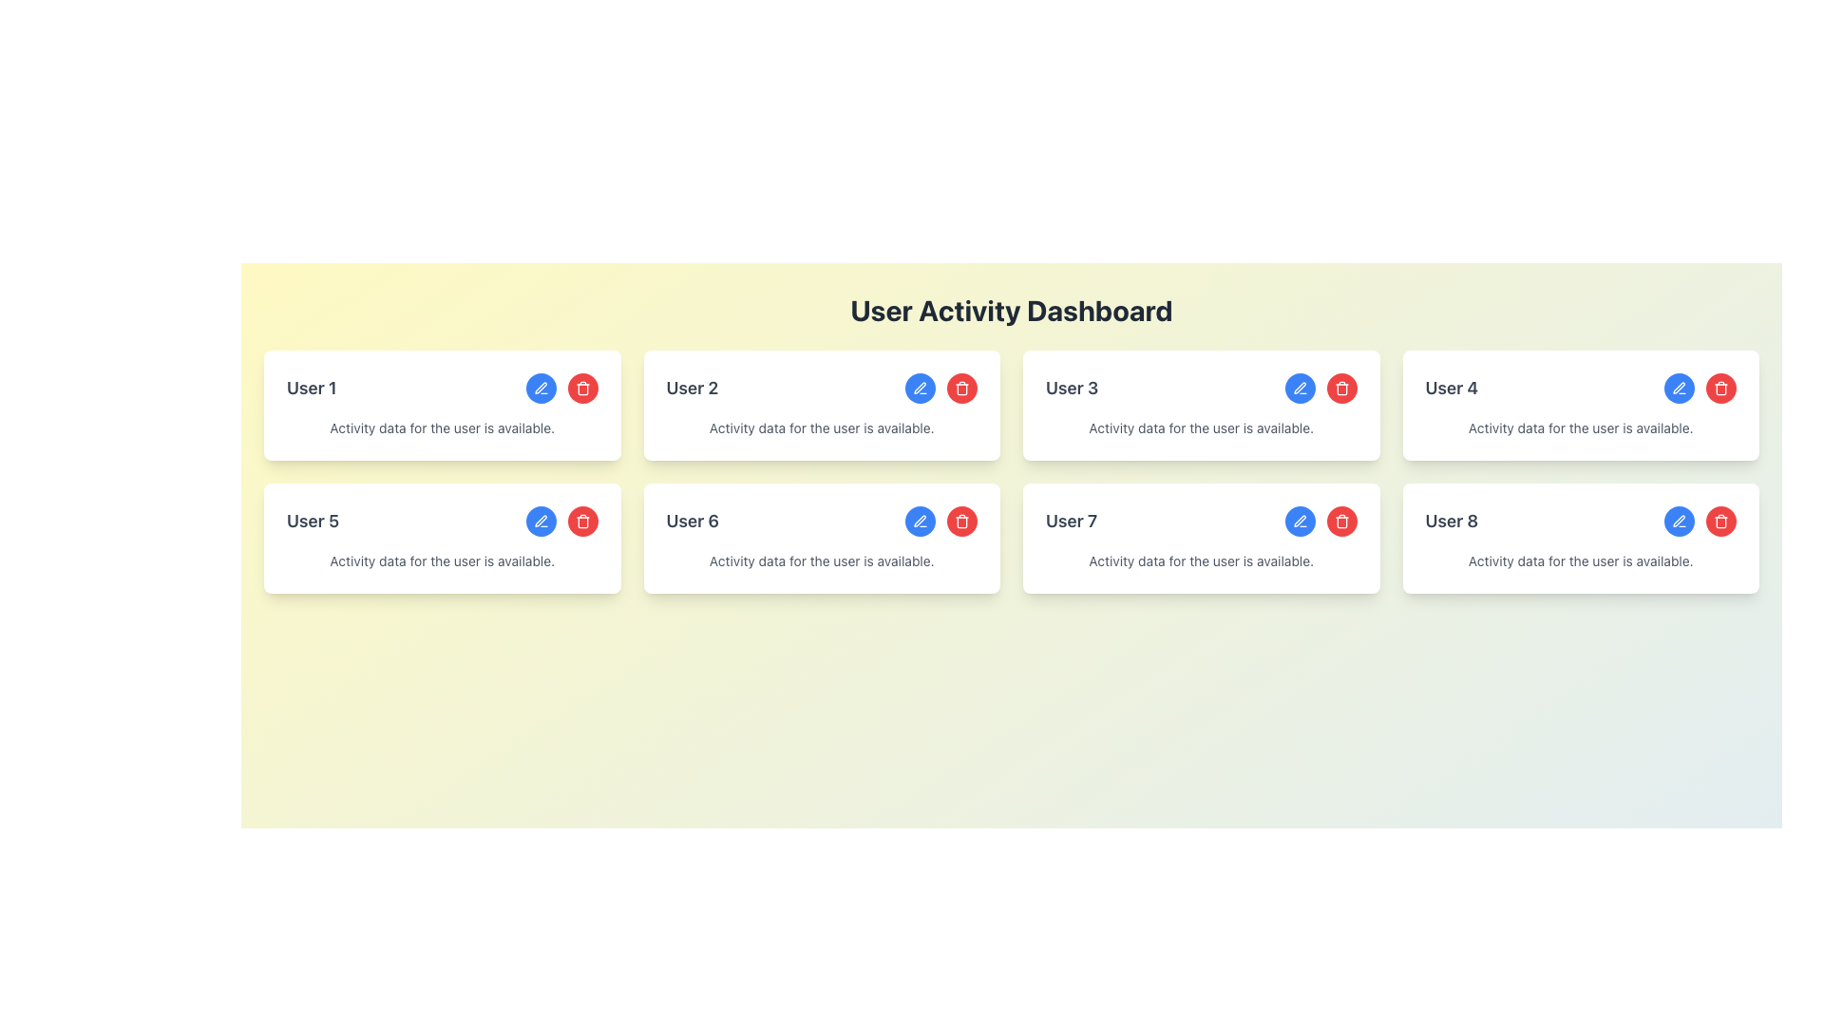 The width and height of the screenshot is (1824, 1026). I want to click on the trash bin icon component, which is part of the SVG graphic indicating a deletion action, located in the top-right section of the 'User 4' card, so click(1720, 388).